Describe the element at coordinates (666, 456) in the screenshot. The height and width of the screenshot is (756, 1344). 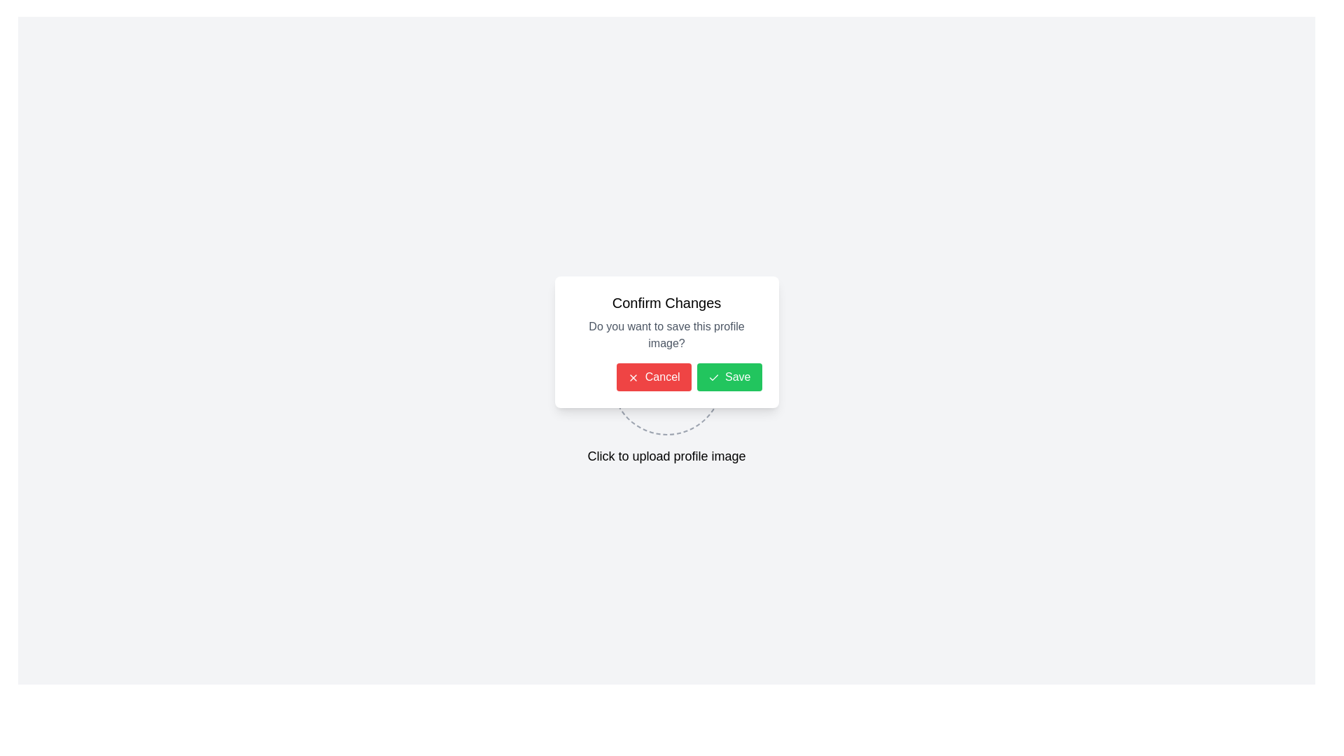
I see `the instructional label indicating where users can click to upload a profile image, located beneath the main modal dialog box with the text 'Confirm Changes'` at that location.